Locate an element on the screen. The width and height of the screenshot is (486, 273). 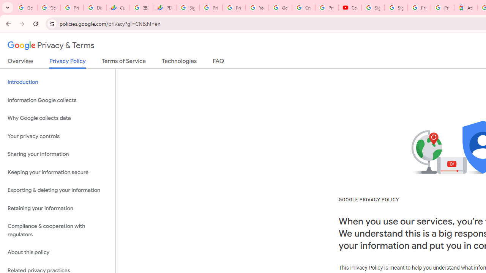
'PDD Holdings Inc - ADR (PDD) Price & News - Google Finance' is located at coordinates (164, 8).